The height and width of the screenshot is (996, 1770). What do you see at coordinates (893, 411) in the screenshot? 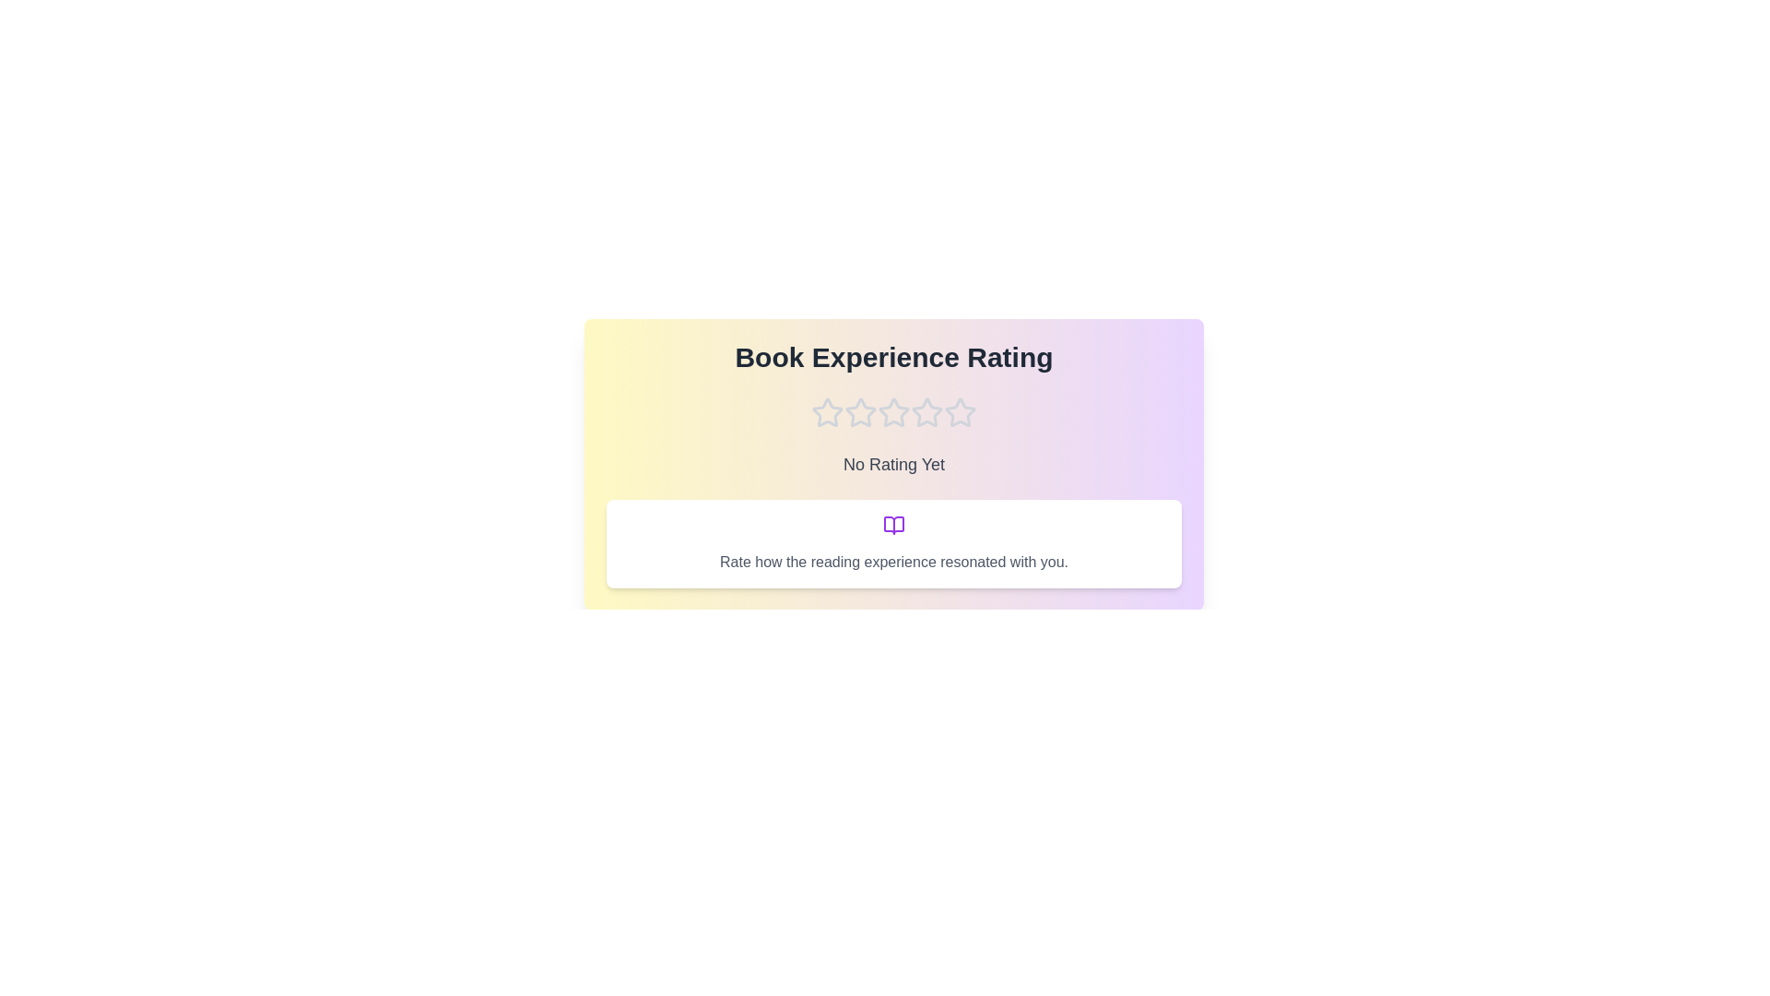
I see `the star corresponding to 3 stars to preview the rating description` at bounding box center [893, 411].